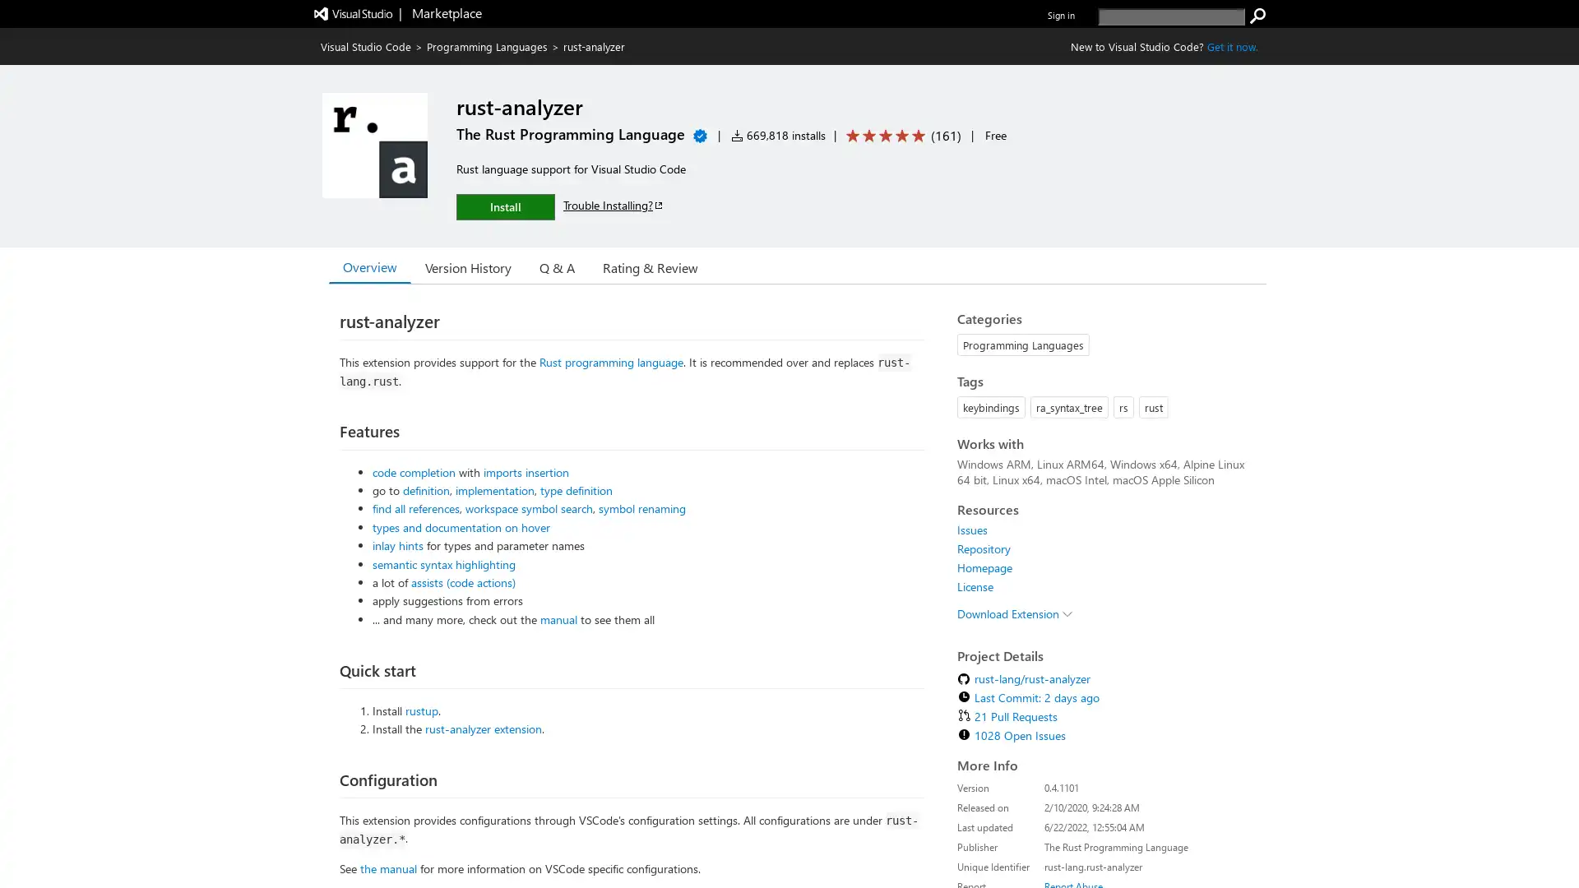  Describe the element at coordinates (369, 266) in the screenshot. I see `Overview` at that location.